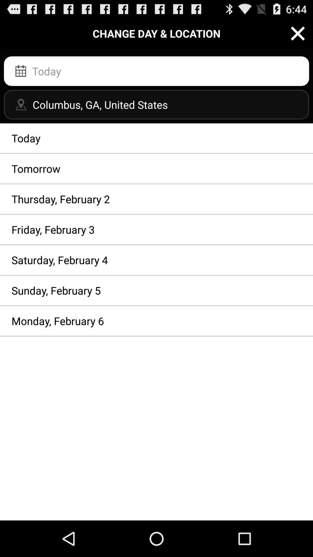  I want to click on icon below columbus ga united, so click(156, 138).